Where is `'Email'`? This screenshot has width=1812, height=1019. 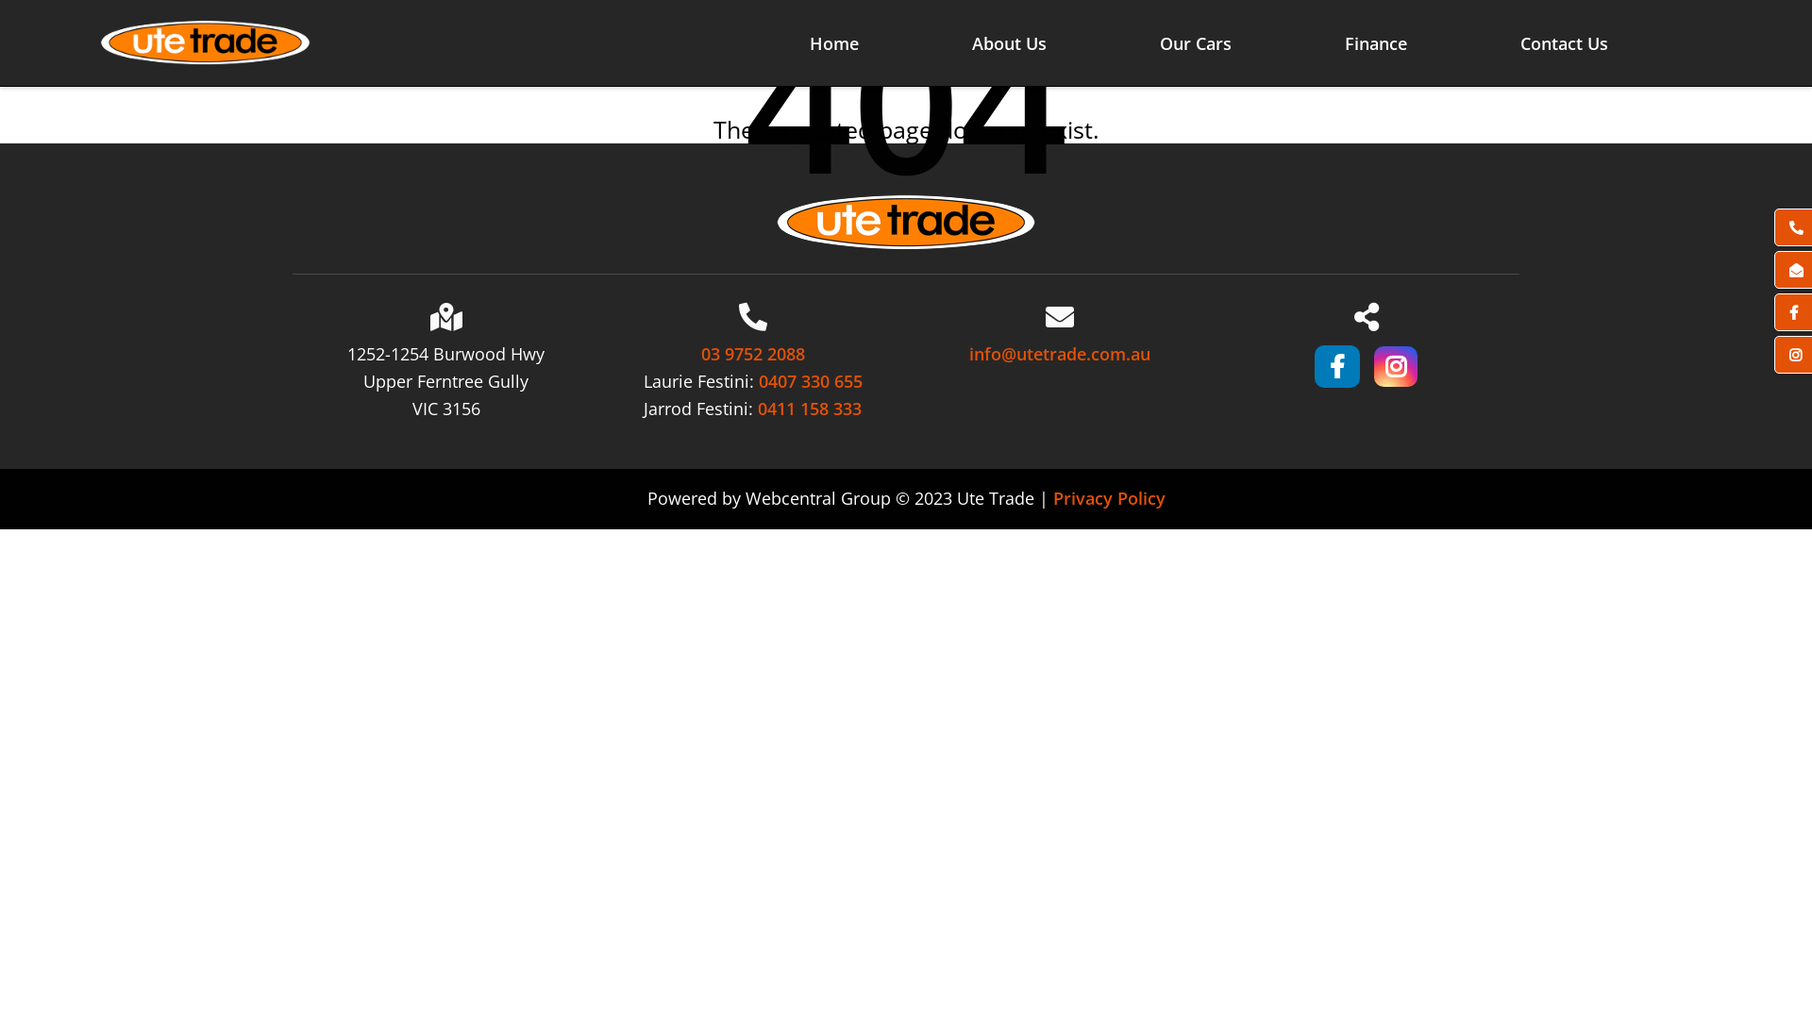
'Email' is located at coordinates (1060, 315).